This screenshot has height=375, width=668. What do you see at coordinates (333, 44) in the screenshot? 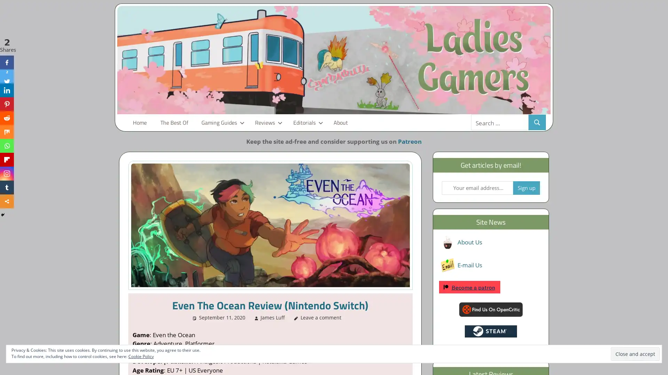
I see `No thanks` at bounding box center [333, 44].